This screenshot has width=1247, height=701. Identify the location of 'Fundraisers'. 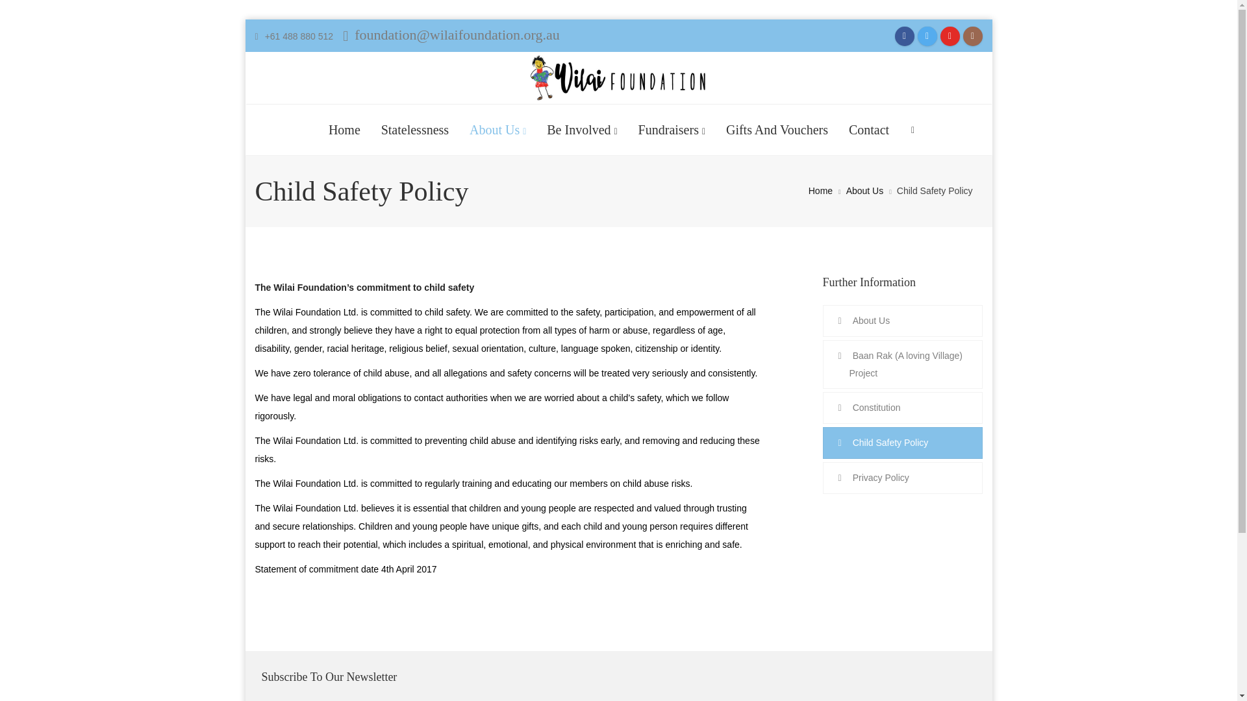
(672, 130).